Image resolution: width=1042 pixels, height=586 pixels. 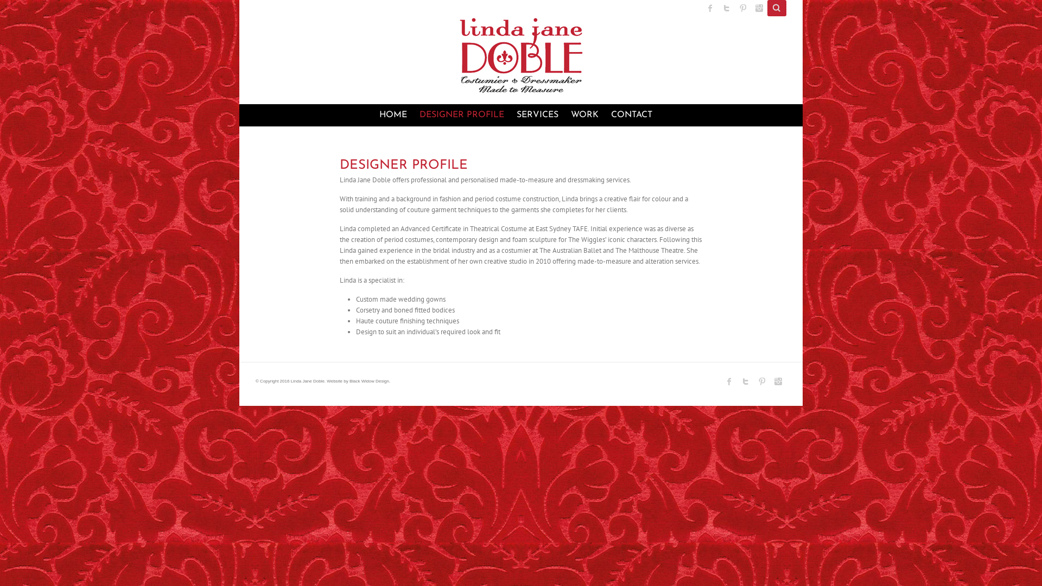 I want to click on 'HOME', so click(x=392, y=113).